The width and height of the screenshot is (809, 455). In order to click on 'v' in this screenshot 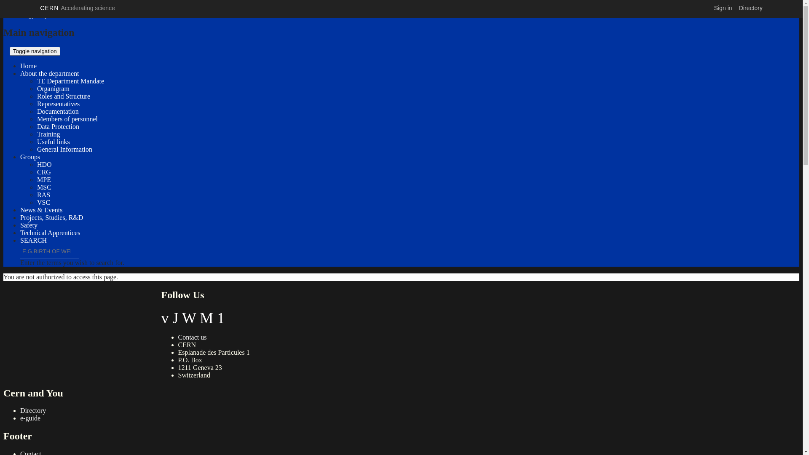, I will do `click(164, 318)`.